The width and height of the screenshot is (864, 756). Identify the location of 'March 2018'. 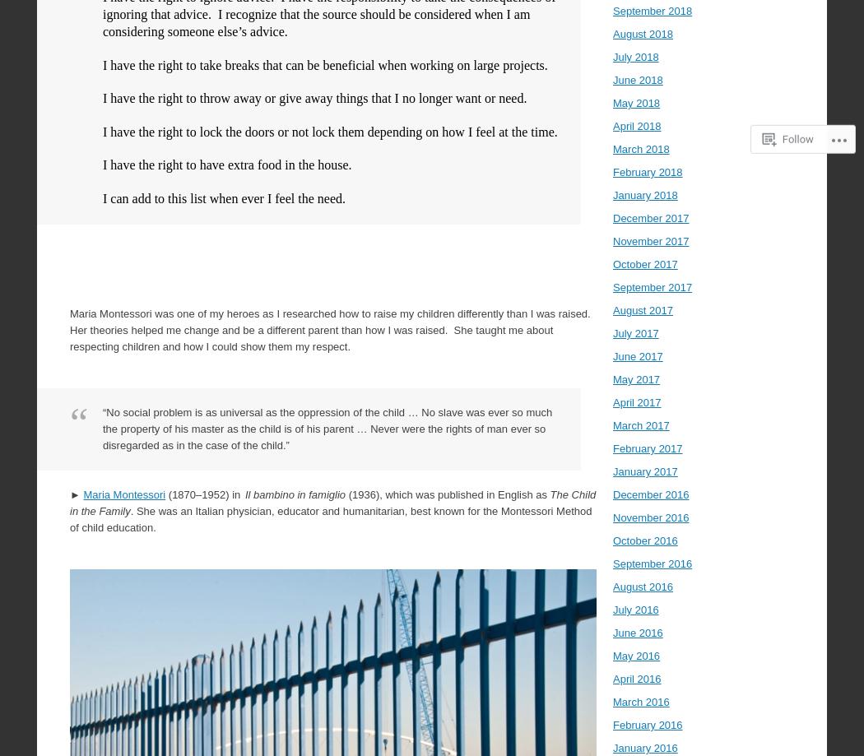
(611, 148).